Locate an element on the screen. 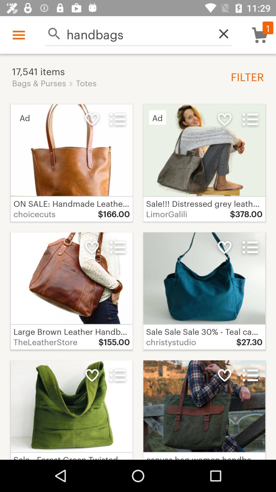 Image resolution: width=276 pixels, height=492 pixels. item above the filter is located at coordinates (221, 33).